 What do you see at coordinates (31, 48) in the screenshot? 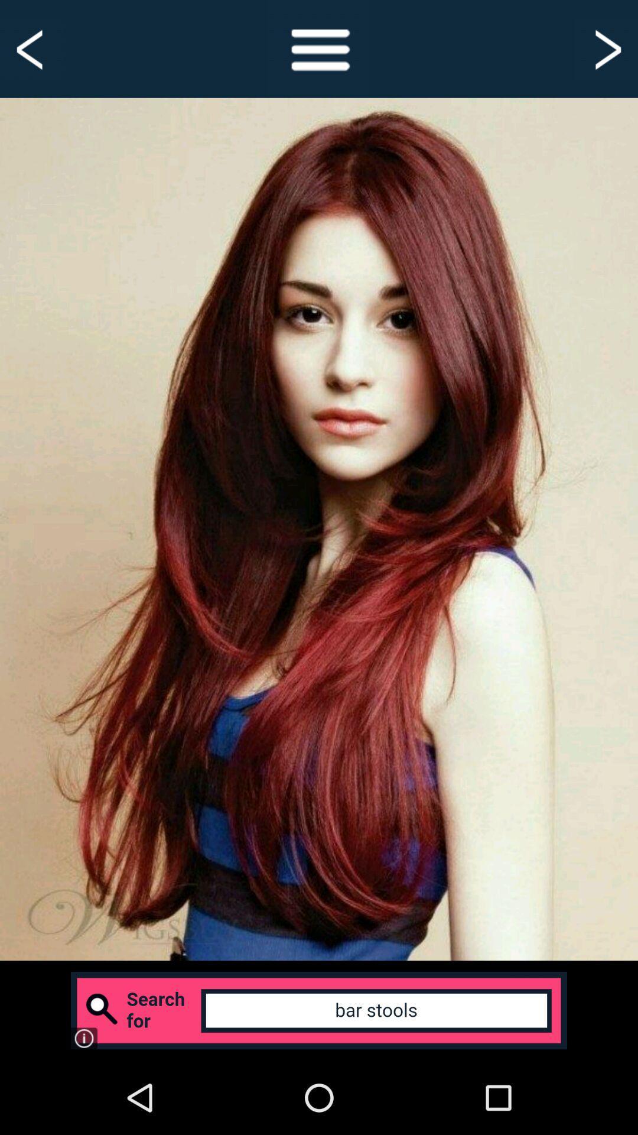
I see `back button` at bounding box center [31, 48].